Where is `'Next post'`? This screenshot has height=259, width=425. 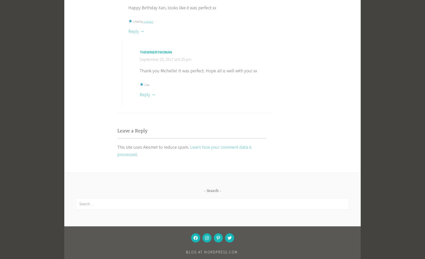 'Next post' is located at coordinates (253, 212).